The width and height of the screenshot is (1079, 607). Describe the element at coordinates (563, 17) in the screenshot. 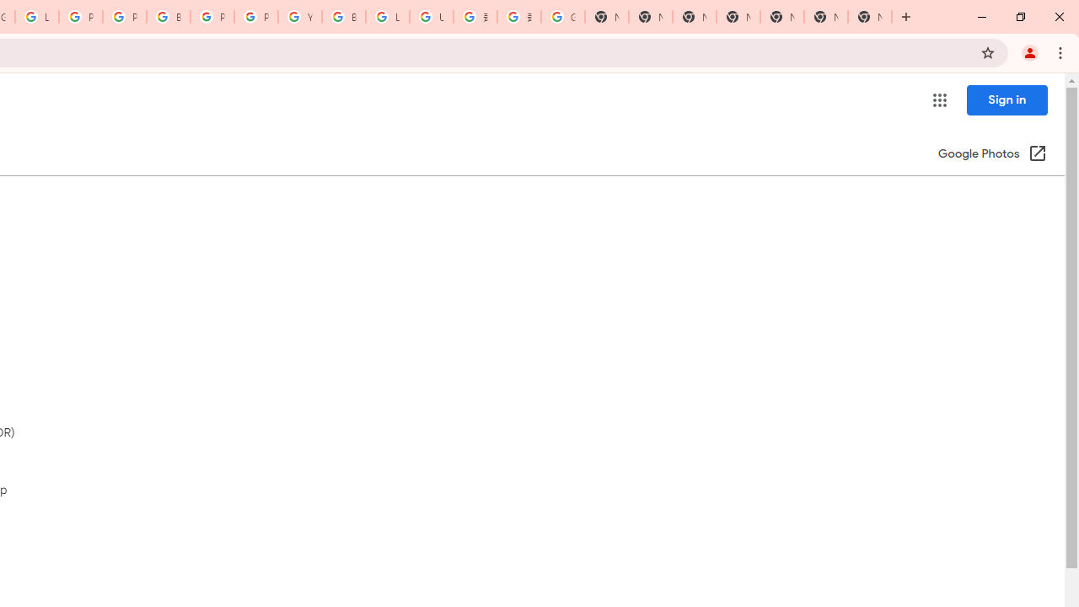

I see `'Google Images'` at that location.